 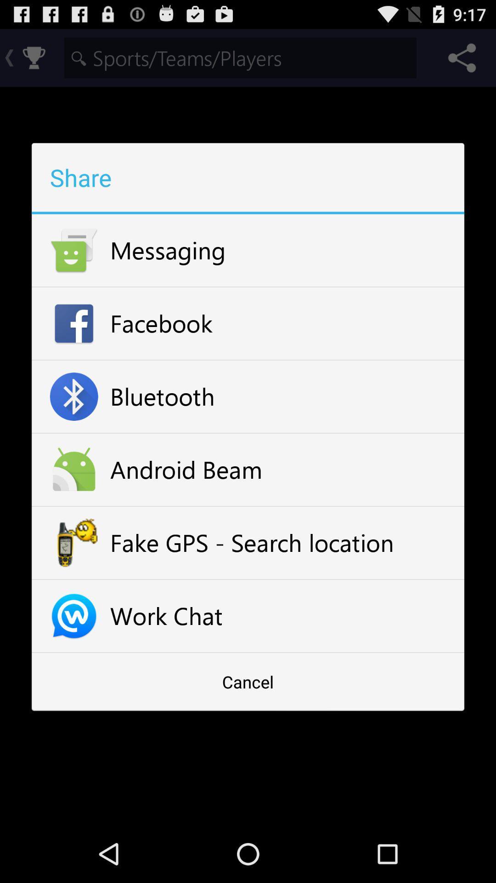 I want to click on the cancel item, so click(x=248, y=682).